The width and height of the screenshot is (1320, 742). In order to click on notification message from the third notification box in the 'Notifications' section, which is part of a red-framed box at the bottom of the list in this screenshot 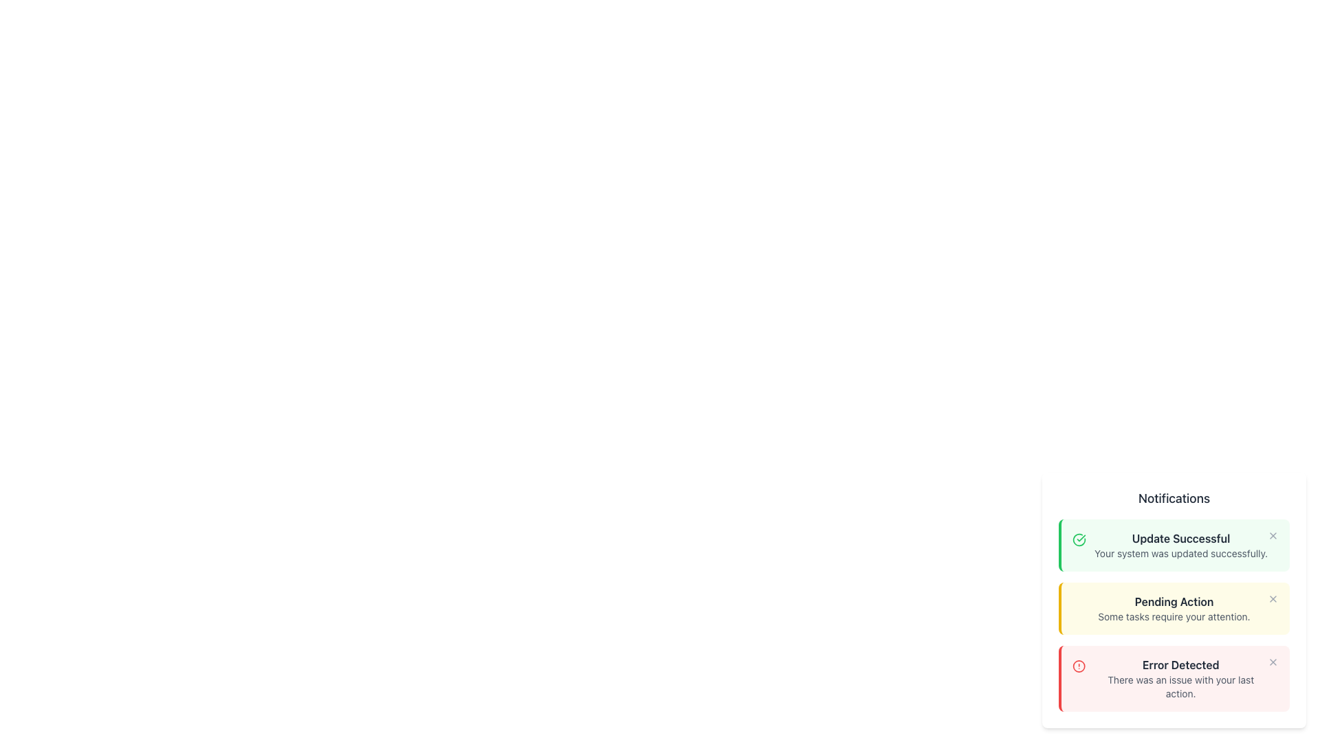, I will do `click(1174, 677)`.